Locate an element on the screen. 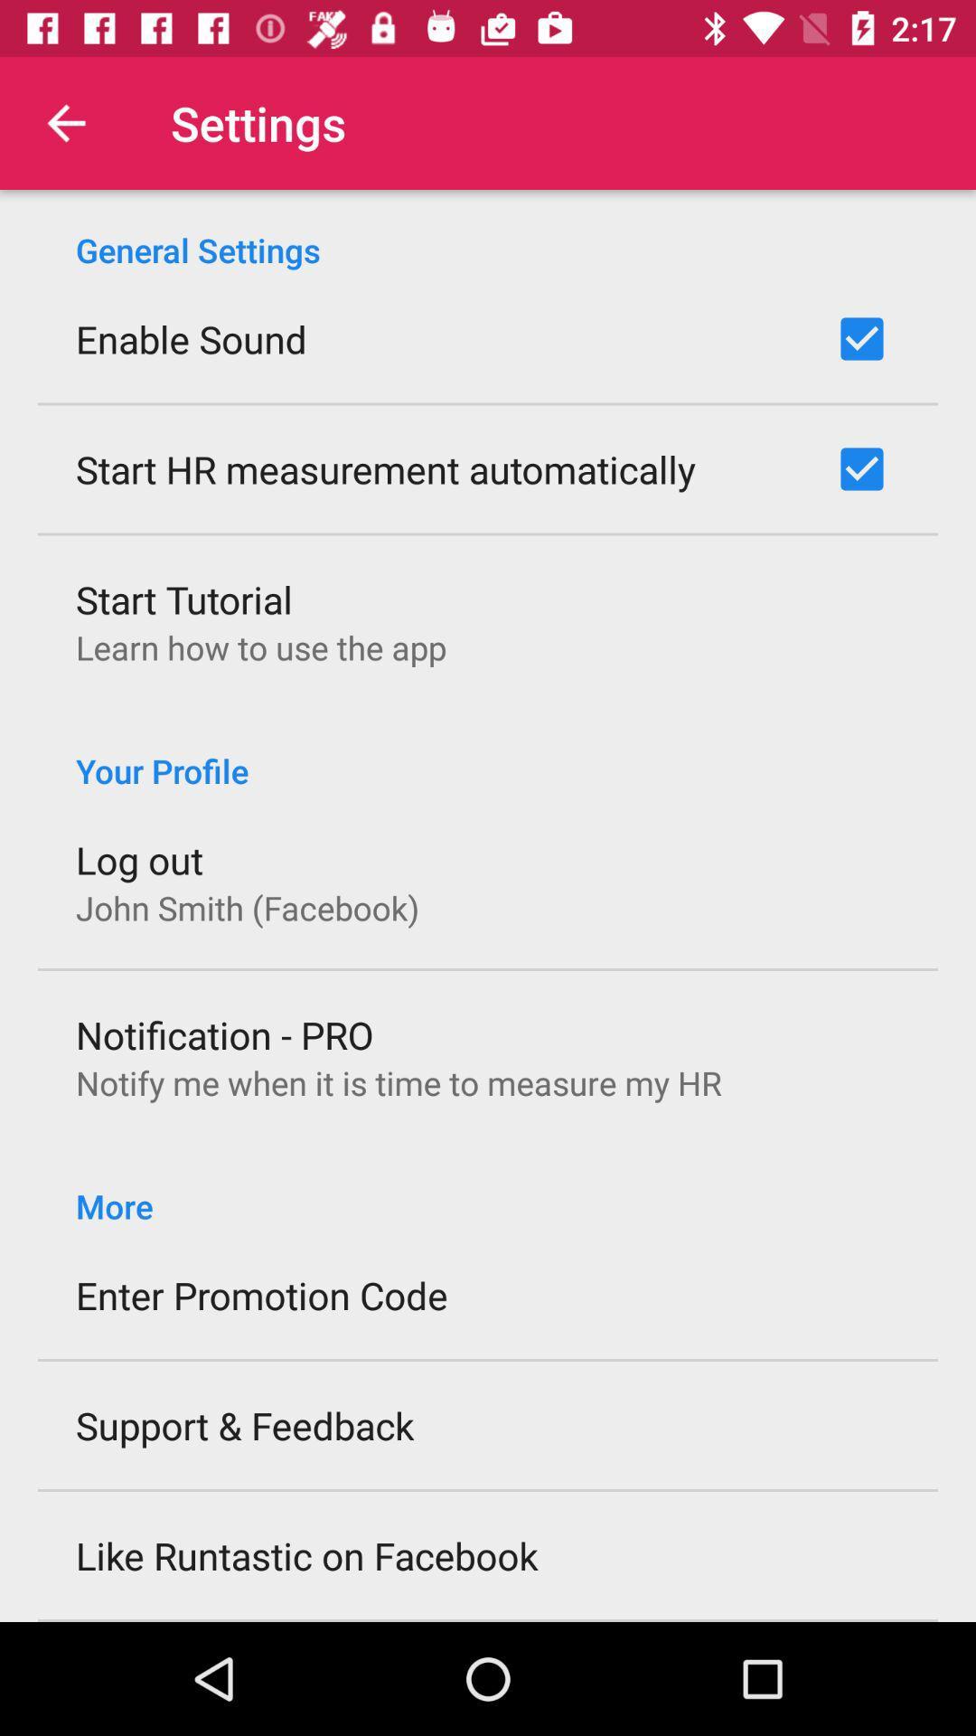 The height and width of the screenshot is (1736, 976). the enable sound item is located at coordinates (191, 338).